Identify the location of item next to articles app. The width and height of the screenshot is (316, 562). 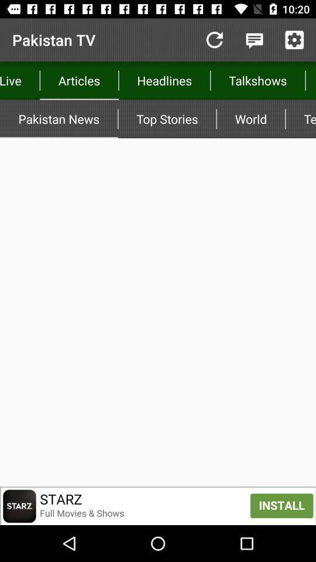
(214, 40).